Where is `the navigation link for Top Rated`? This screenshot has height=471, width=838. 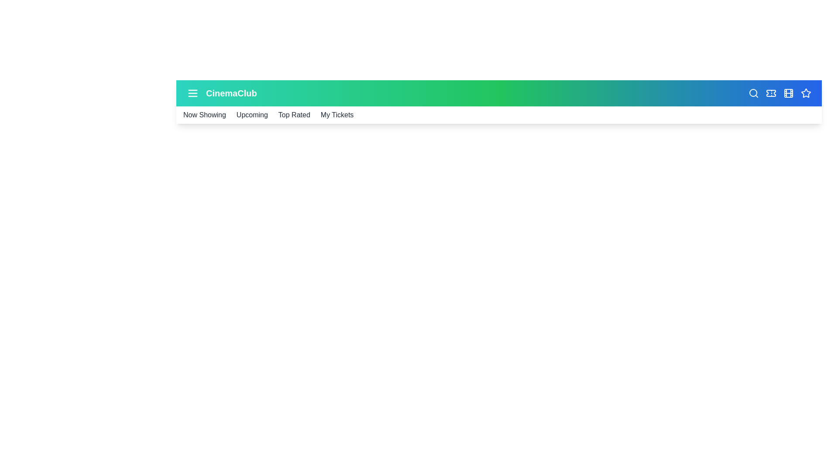
the navigation link for Top Rated is located at coordinates (294, 114).